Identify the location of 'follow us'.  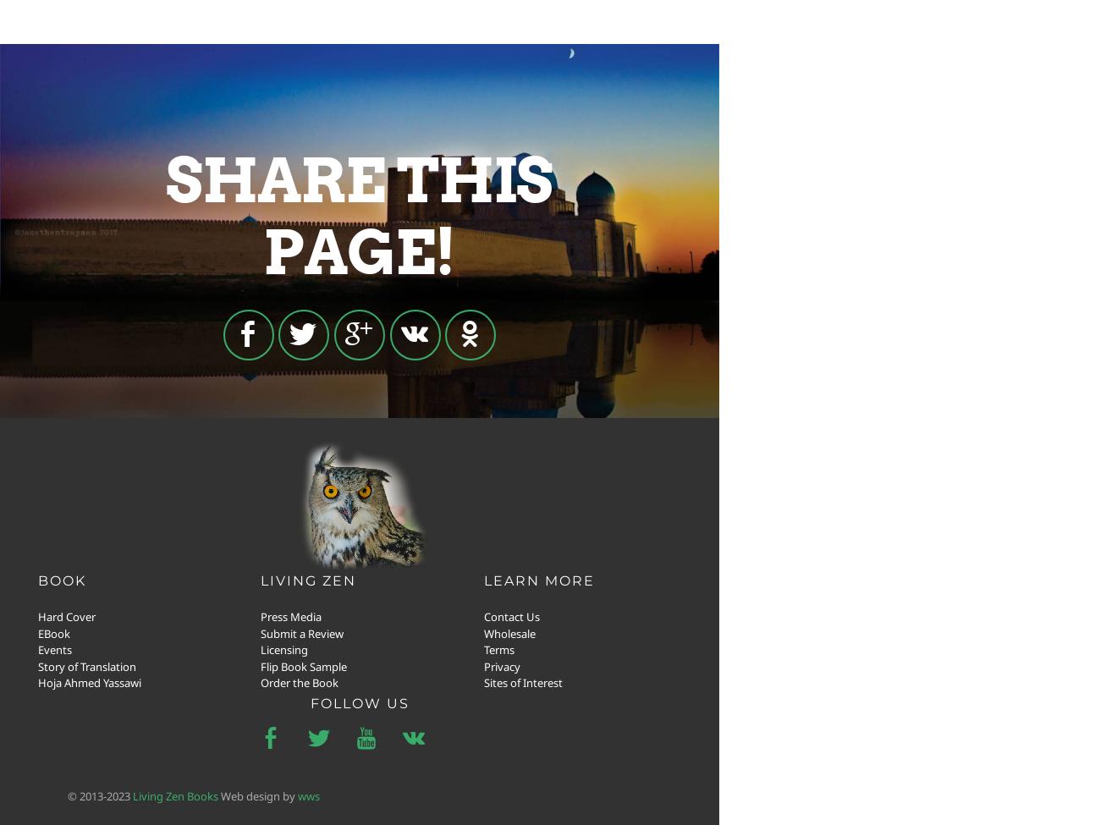
(309, 702).